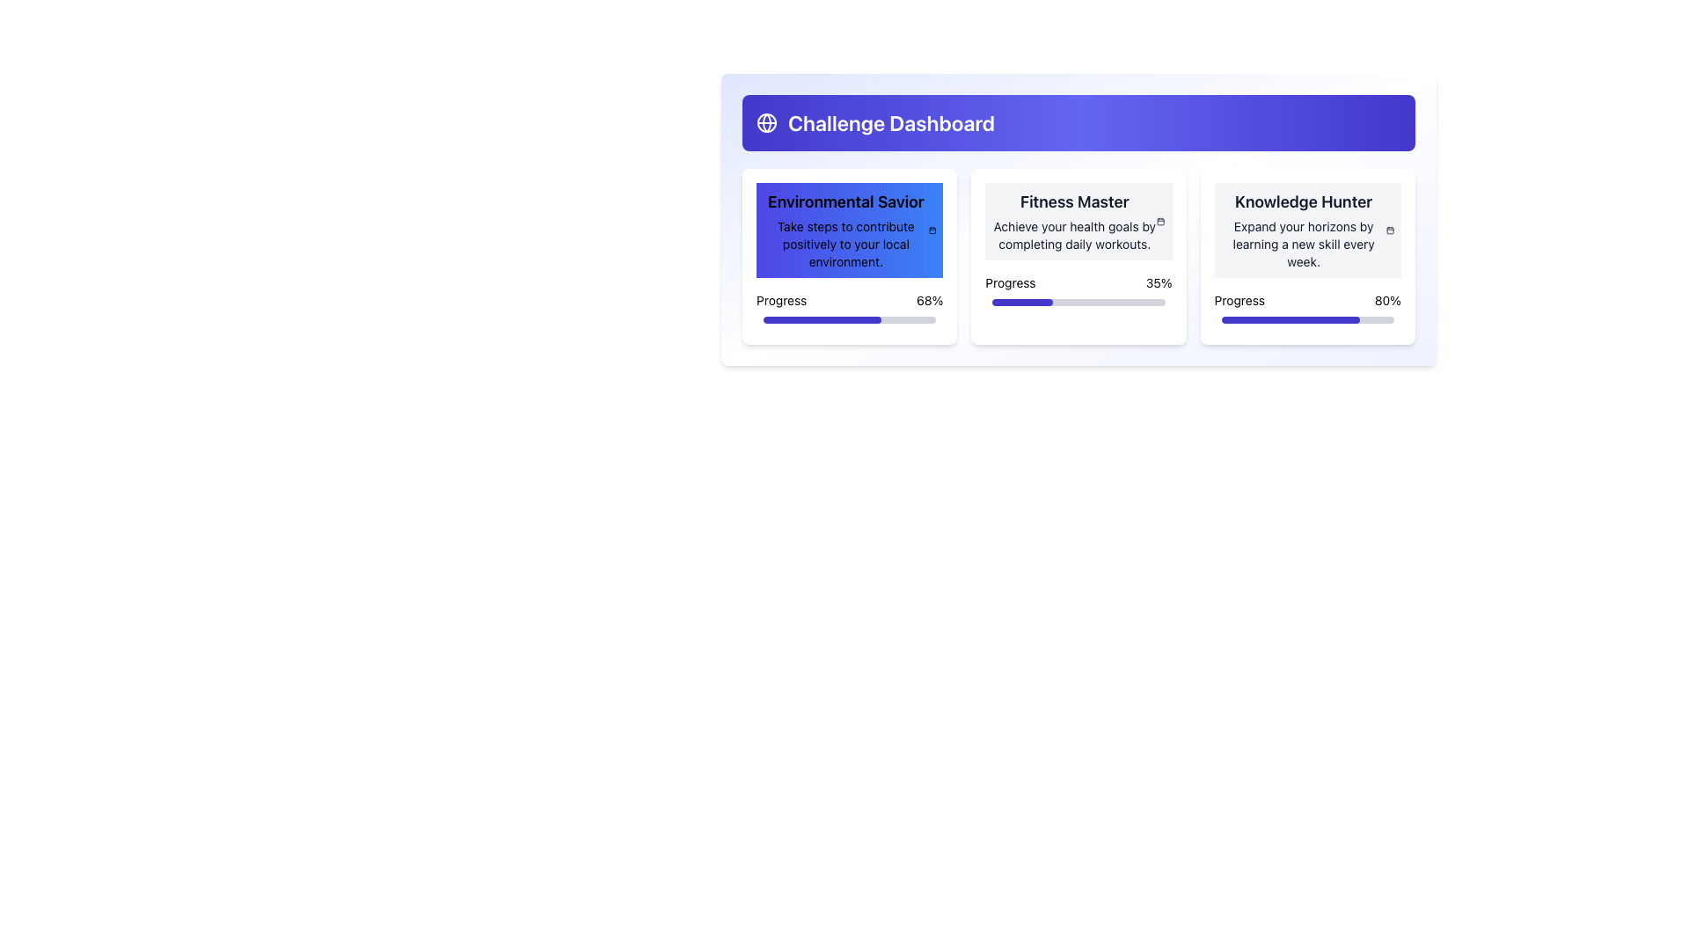 This screenshot has width=1689, height=950. Describe the element at coordinates (1291, 319) in the screenshot. I see `the horizontal progress bar styled with a dark indigo fill representing 80% completion, located within the 'Knowledge Hunter' card, below the 'Progress' label and adjacent to the '80%' text` at that location.